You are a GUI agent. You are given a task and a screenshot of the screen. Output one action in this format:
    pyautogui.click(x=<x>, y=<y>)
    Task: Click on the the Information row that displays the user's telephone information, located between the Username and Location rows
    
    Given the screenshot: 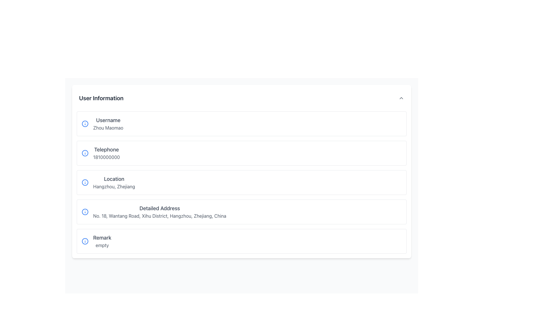 What is the action you would take?
    pyautogui.click(x=242, y=153)
    